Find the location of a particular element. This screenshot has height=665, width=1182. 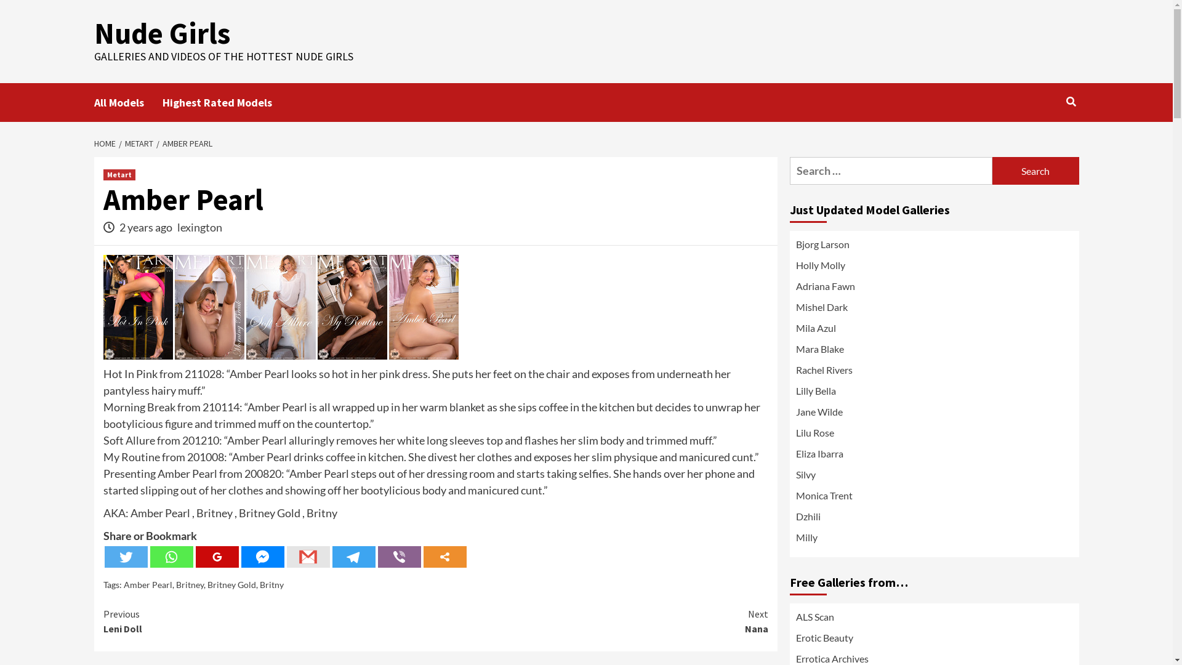

'lexington' is located at coordinates (199, 227).